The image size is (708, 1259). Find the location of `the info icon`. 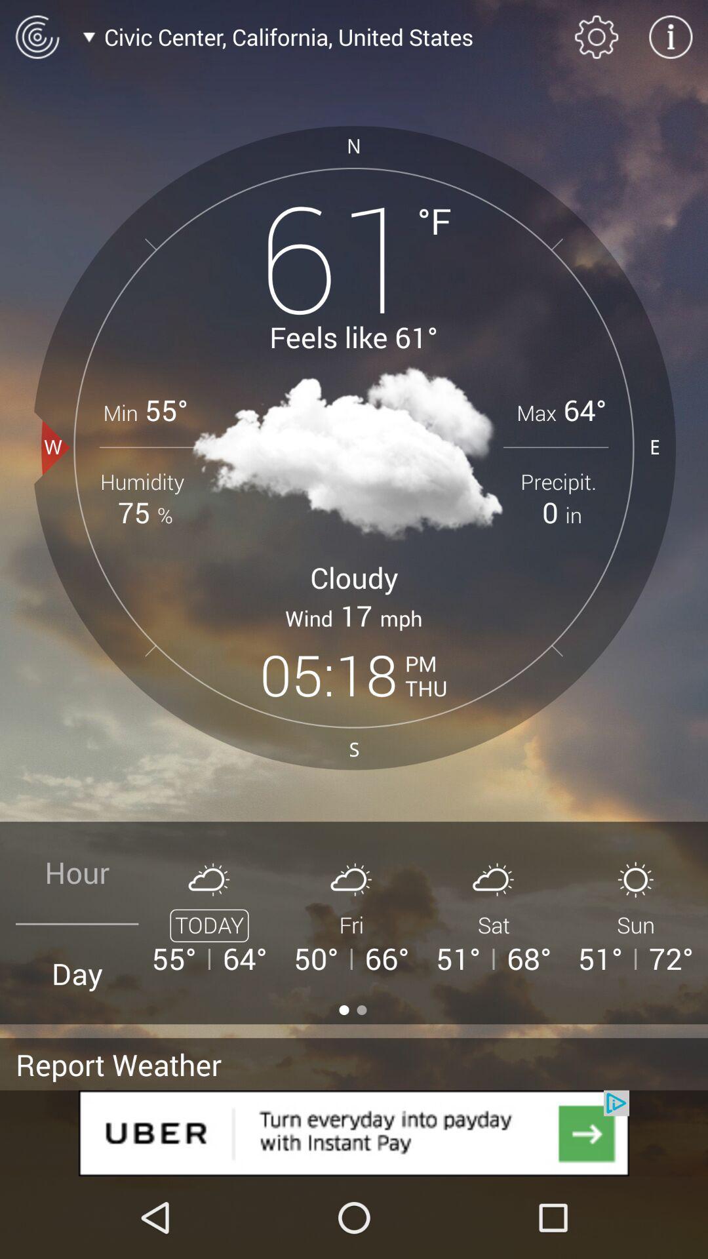

the info icon is located at coordinates (671, 37).